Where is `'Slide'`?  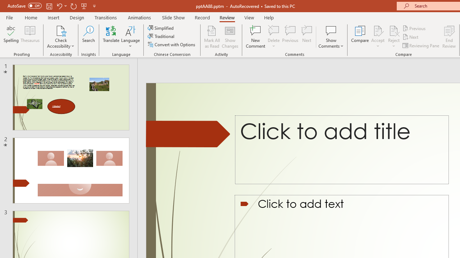
'Slide' is located at coordinates (71, 171).